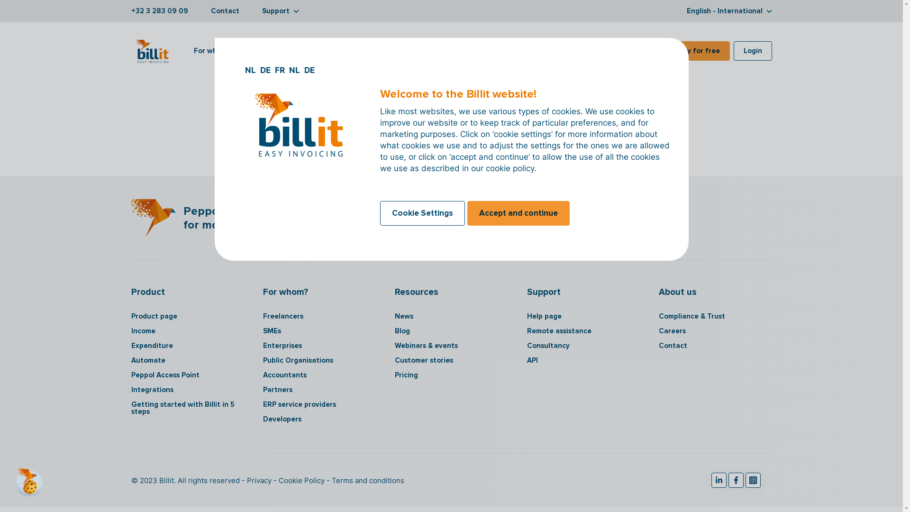 Image resolution: width=910 pixels, height=512 pixels. What do you see at coordinates (295, 69) in the screenshot?
I see `'NL'` at bounding box center [295, 69].